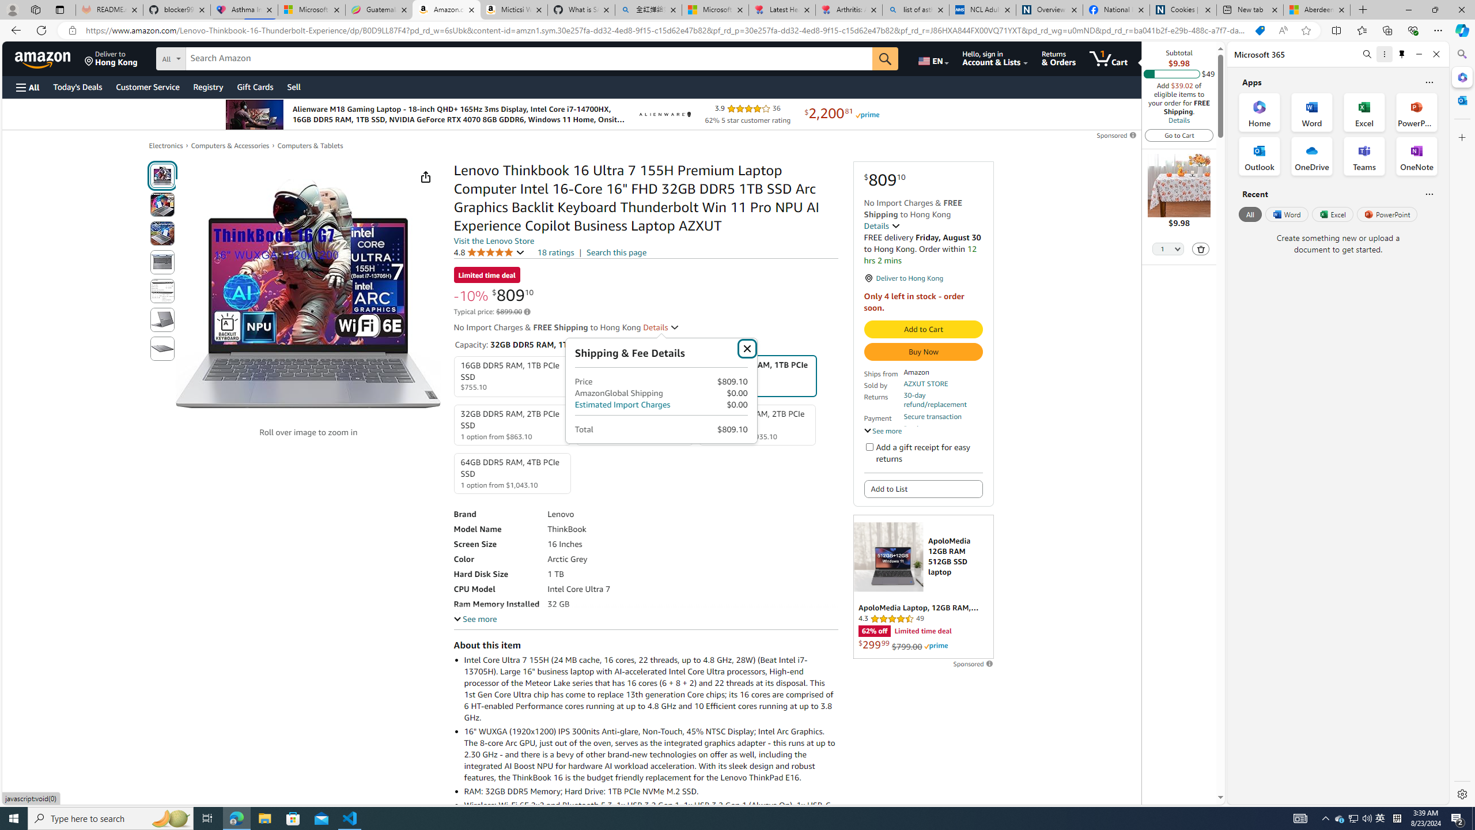 This screenshot has width=1475, height=830. What do you see at coordinates (757, 424) in the screenshot?
I see `'64GB DDR5 RAM, 2TB PCIe SSD 1 option from $935.10'` at bounding box center [757, 424].